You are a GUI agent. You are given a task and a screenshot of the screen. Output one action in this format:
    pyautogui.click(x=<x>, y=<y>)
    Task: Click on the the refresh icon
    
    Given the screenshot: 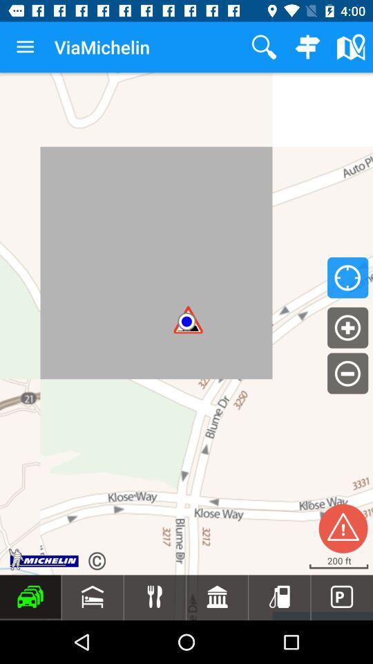 What is the action you would take?
    pyautogui.click(x=96, y=561)
    